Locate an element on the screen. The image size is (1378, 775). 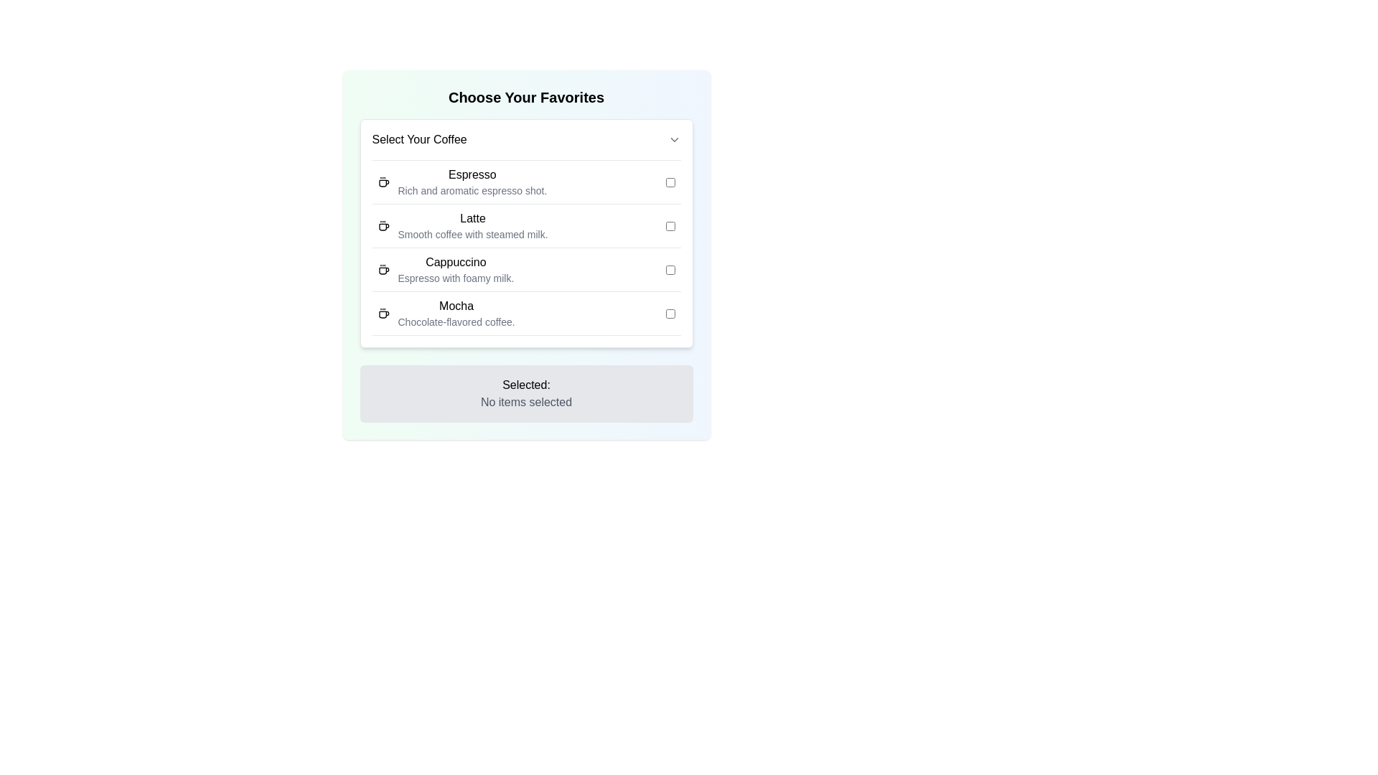
the descriptive text for the coffee type 'Mocha', which is located directly below the 'Mocha' label in the selection menu, specifically as the fourth item in the list is located at coordinates (456, 321).